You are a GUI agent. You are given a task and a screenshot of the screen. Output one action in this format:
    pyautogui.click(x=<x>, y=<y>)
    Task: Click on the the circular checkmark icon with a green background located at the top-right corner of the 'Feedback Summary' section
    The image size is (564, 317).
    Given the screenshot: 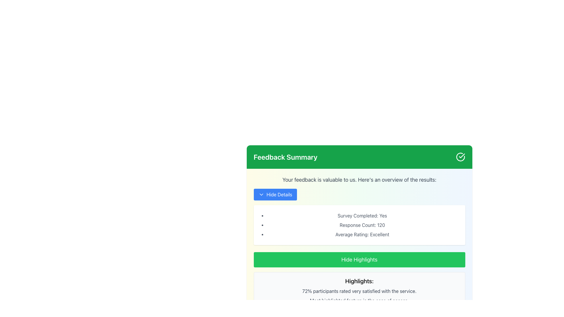 What is the action you would take?
    pyautogui.click(x=460, y=157)
    